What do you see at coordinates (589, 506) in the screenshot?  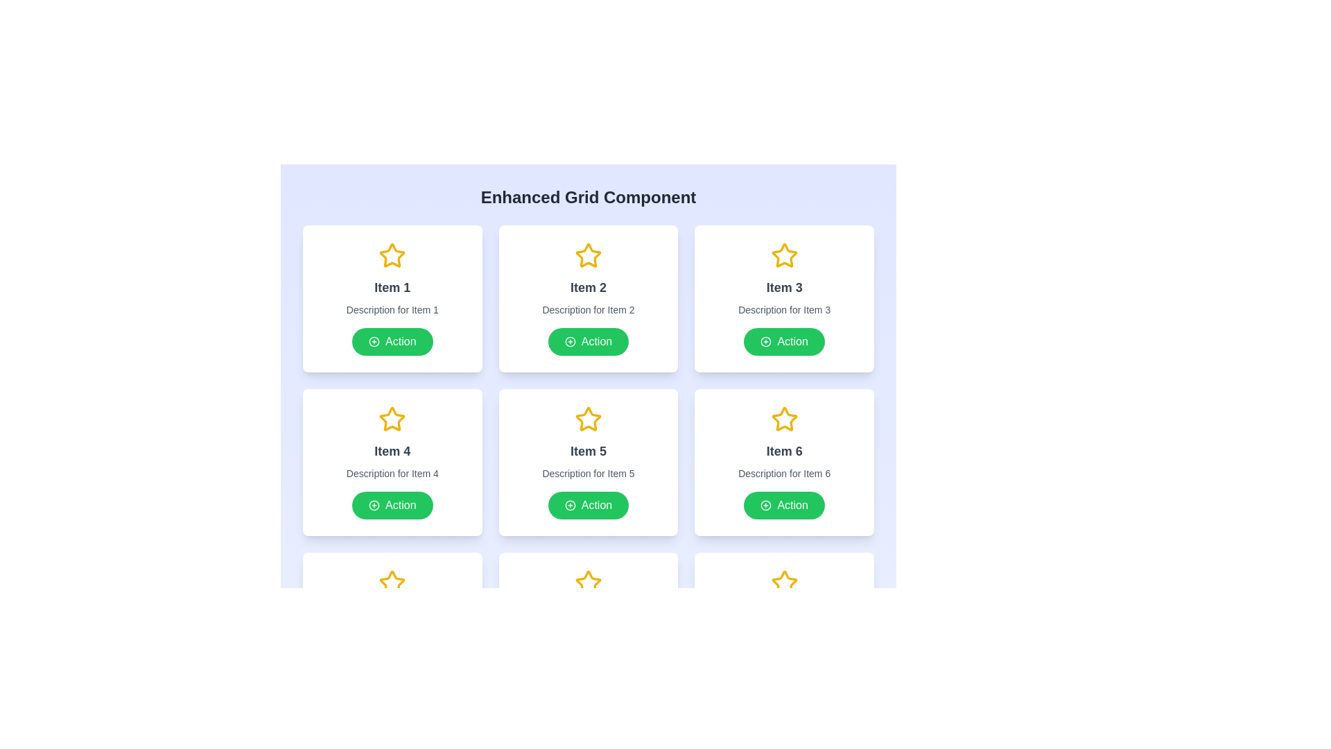 I see `the button located below the description text 'Description for Item 5' within the card labeled 'Item 5'` at bounding box center [589, 506].